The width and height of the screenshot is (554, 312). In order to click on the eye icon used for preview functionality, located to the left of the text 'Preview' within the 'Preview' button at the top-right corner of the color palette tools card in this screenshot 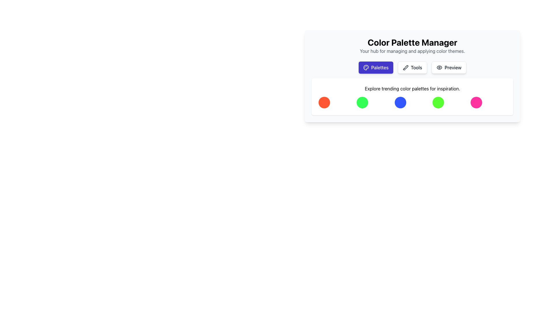, I will do `click(439, 67)`.